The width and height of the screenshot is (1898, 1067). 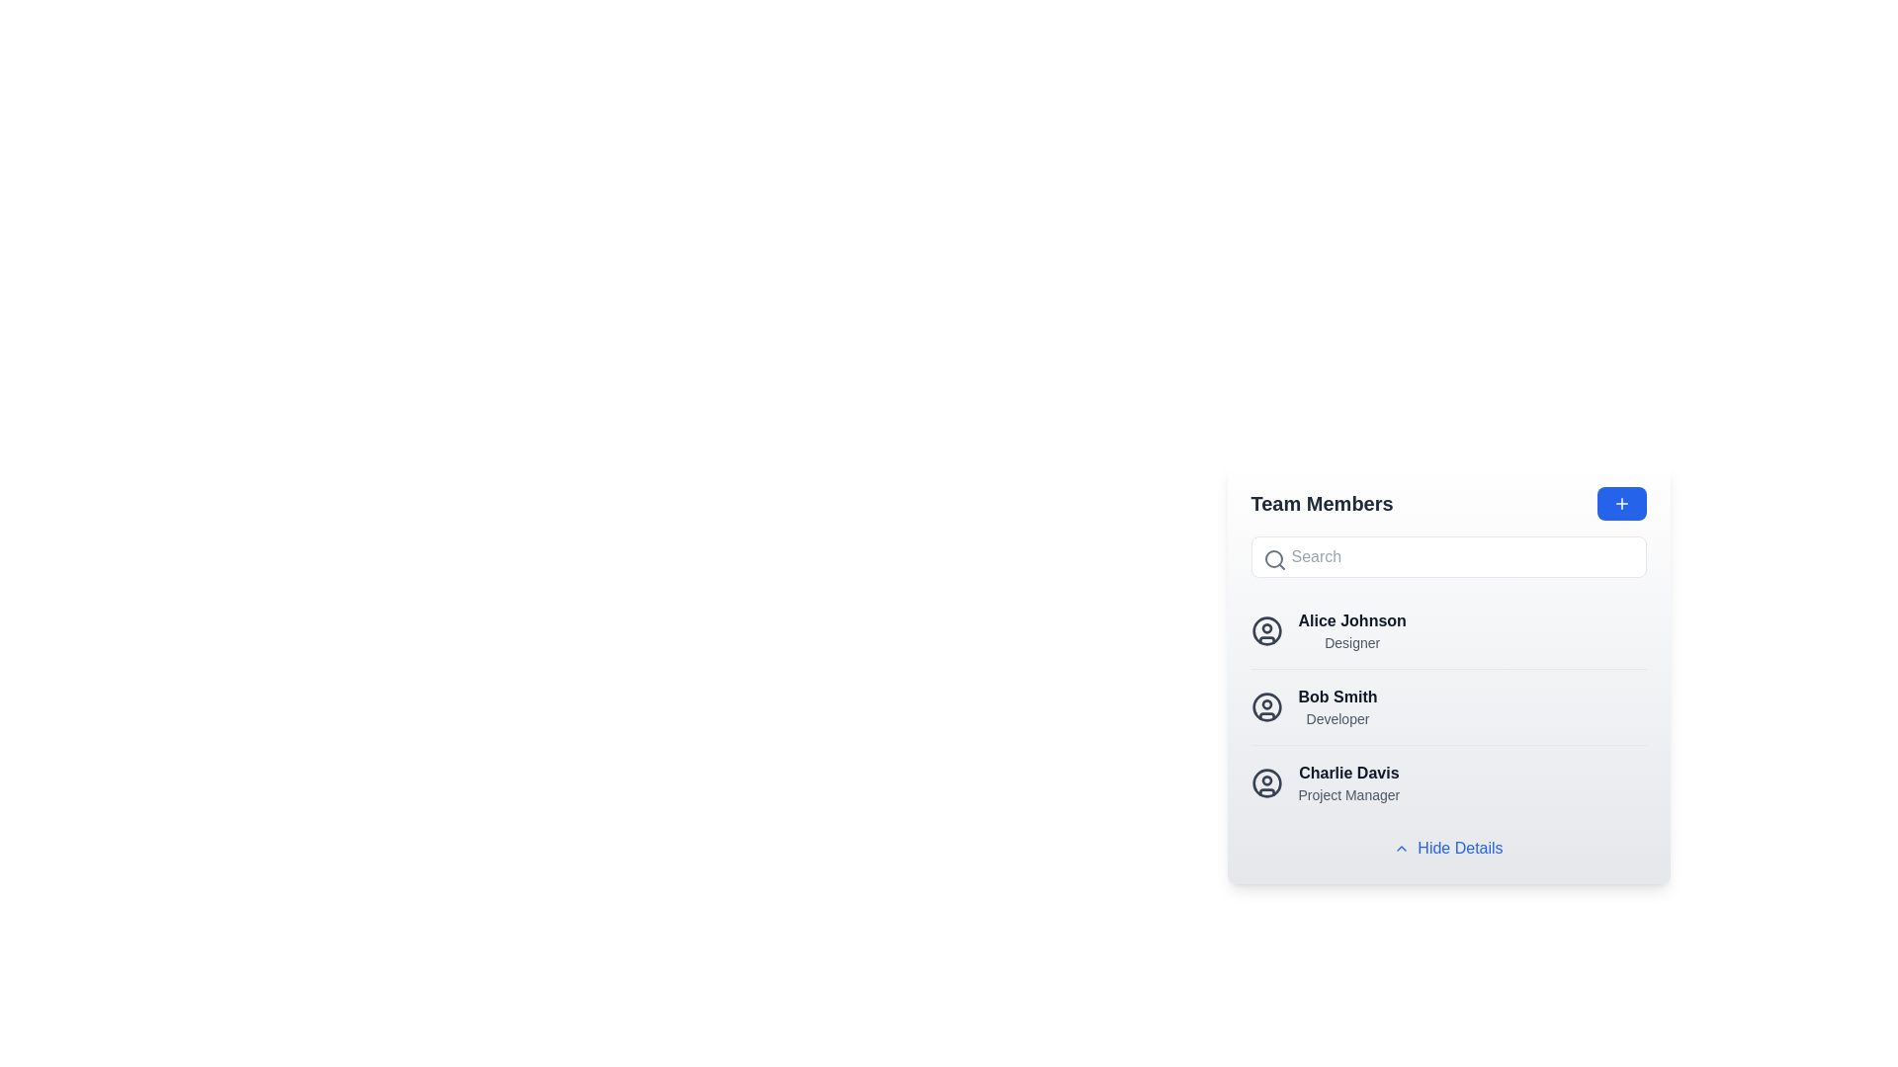 I want to click on the 'Team Members' text label, which is styled in a bold and large font at the top-left corner of the user interface card, adjacent to a blue plus button, so click(x=1322, y=502).